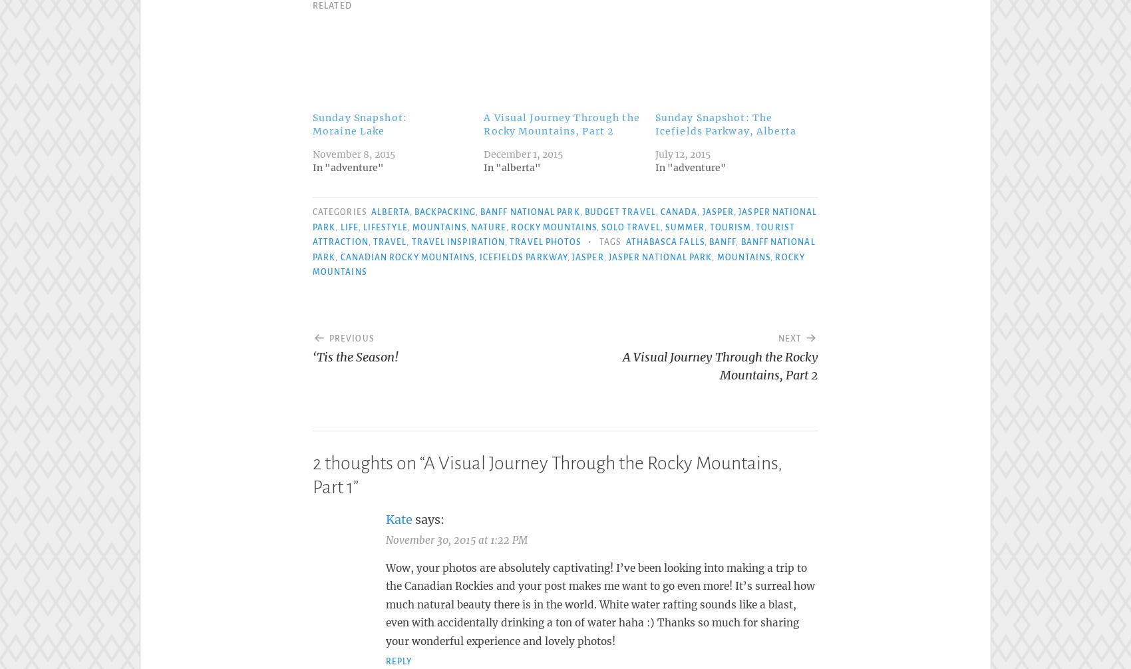 Image resolution: width=1131 pixels, height=669 pixels. Describe the element at coordinates (341, 208) in the screenshot. I see `'Categories'` at that location.